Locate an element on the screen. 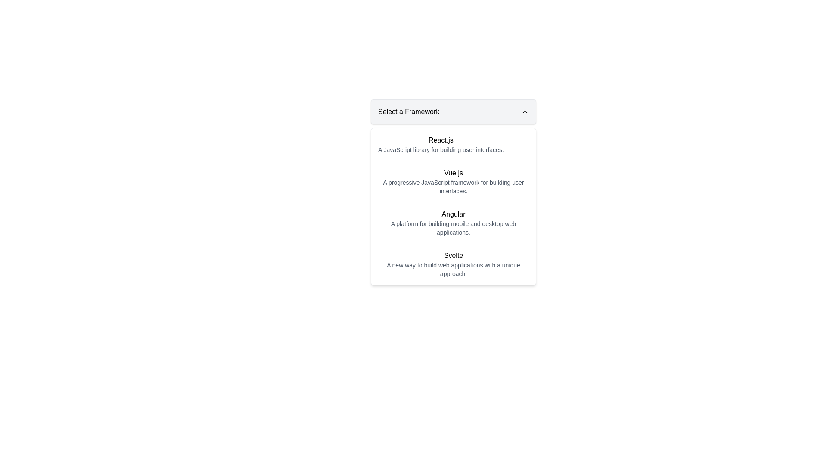 This screenshot has height=465, width=827. title text of the second item in the dropdown menu that describes Vue.js, located beneath 'React.js' is located at coordinates (453, 173).